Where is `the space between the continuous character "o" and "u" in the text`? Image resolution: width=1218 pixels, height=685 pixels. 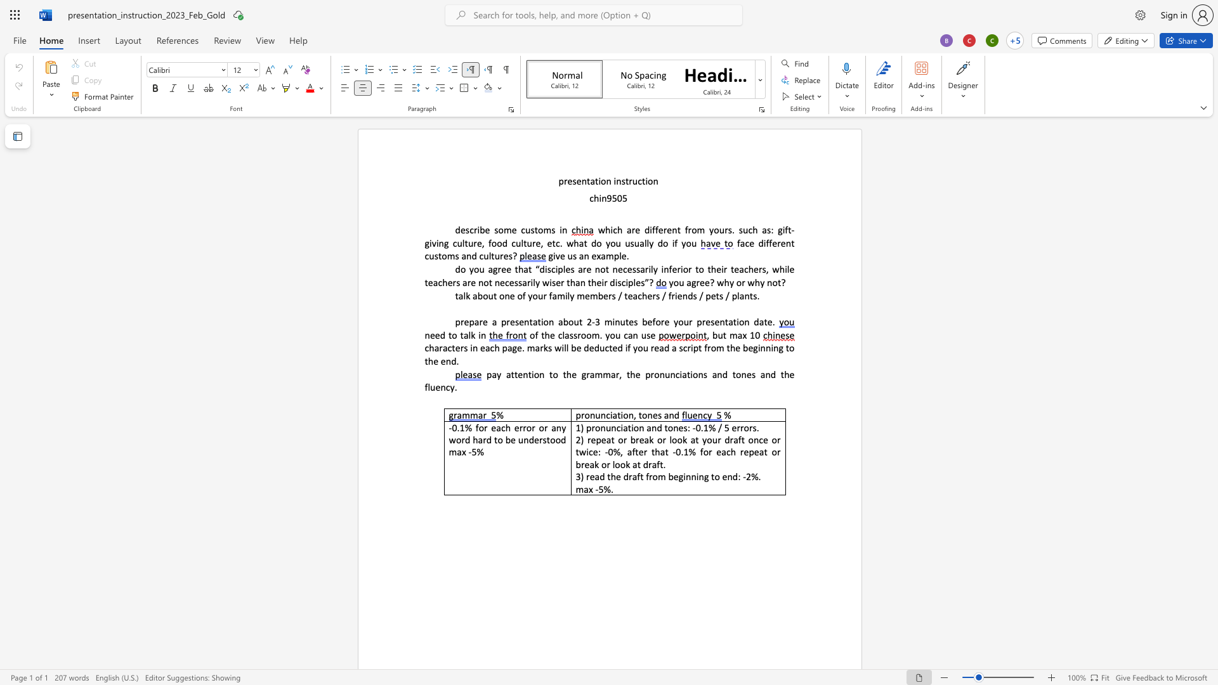
the space between the continuous character "o" and "u" in the text is located at coordinates (719, 230).